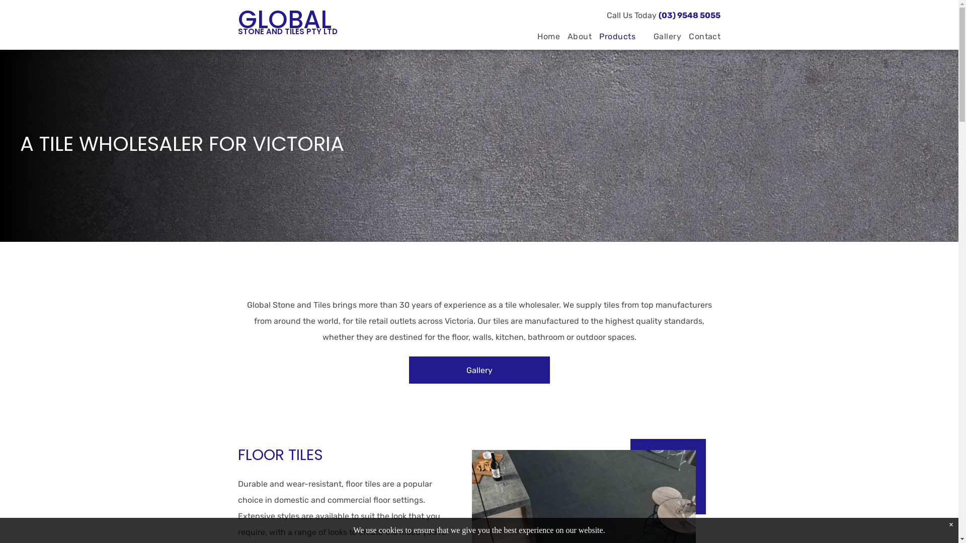 This screenshot has width=966, height=543. What do you see at coordinates (478, 370) in the screenshot?
I see `'Gallery'` at bounding box center [478, 370].